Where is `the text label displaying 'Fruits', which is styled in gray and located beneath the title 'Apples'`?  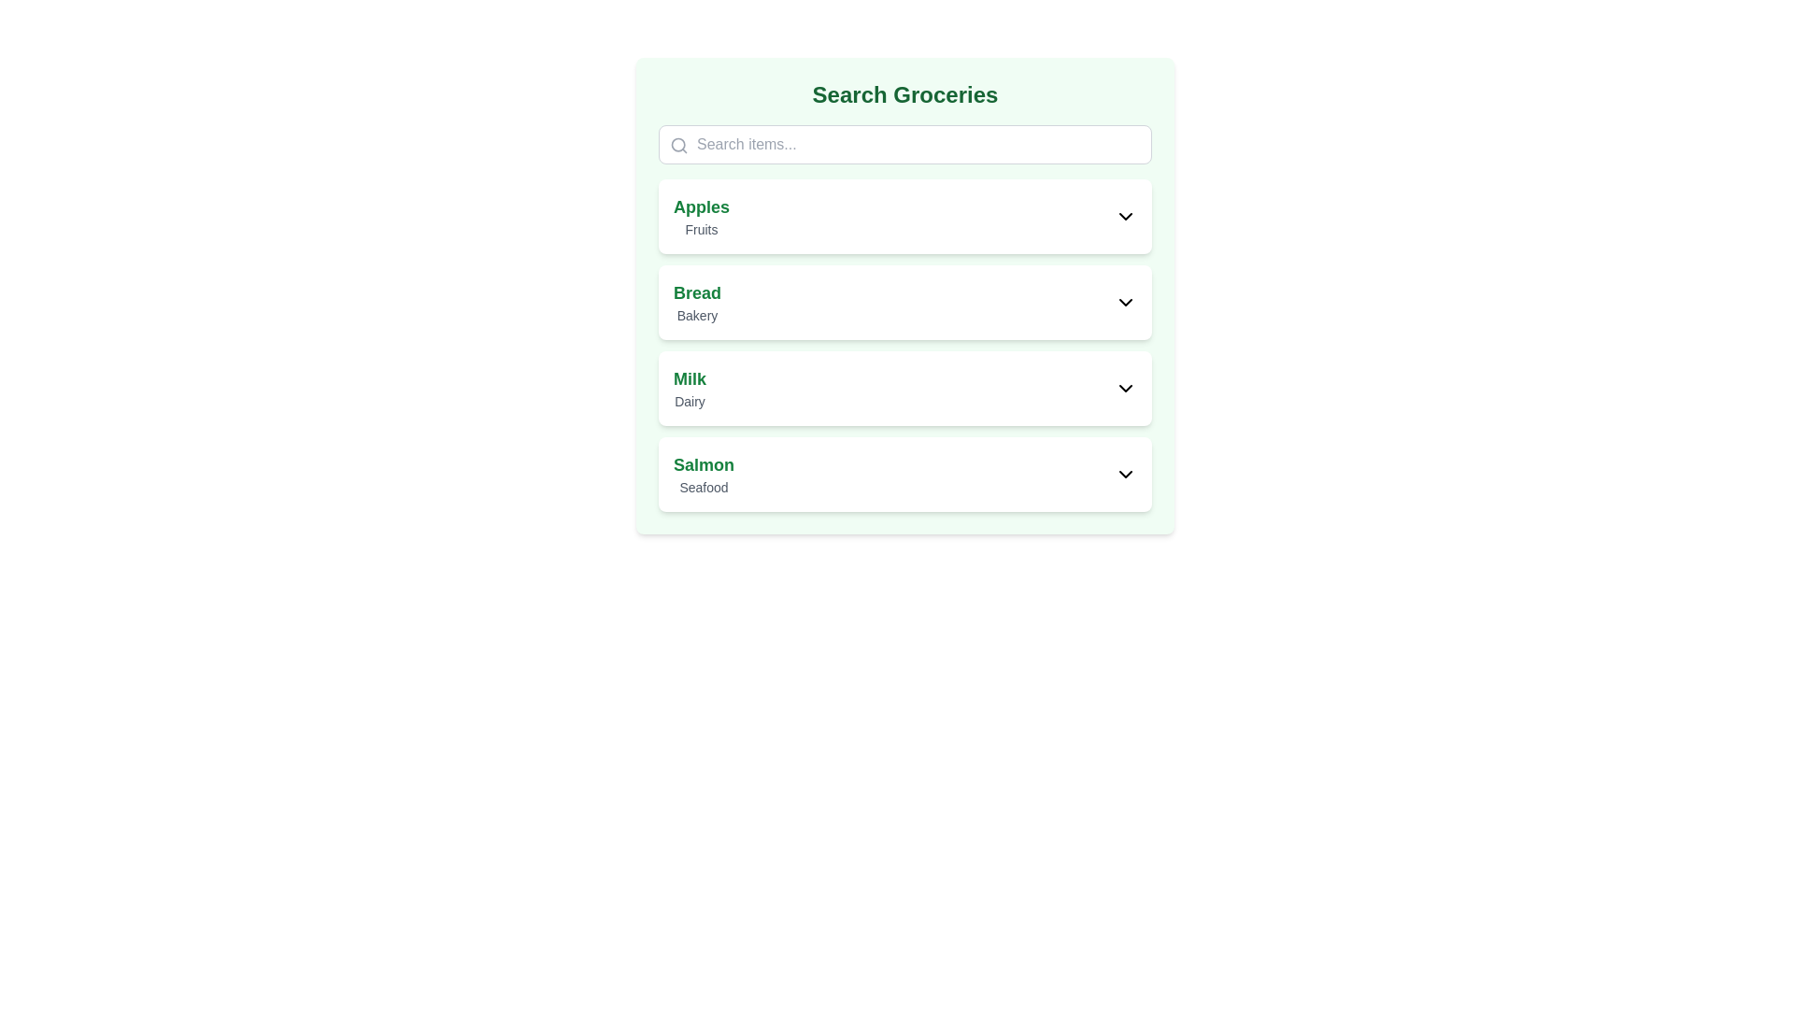 the text label displaying 'Fruits', which is styled in gray and located beneath the title 'Apples' is located at coordinates (701, 229).